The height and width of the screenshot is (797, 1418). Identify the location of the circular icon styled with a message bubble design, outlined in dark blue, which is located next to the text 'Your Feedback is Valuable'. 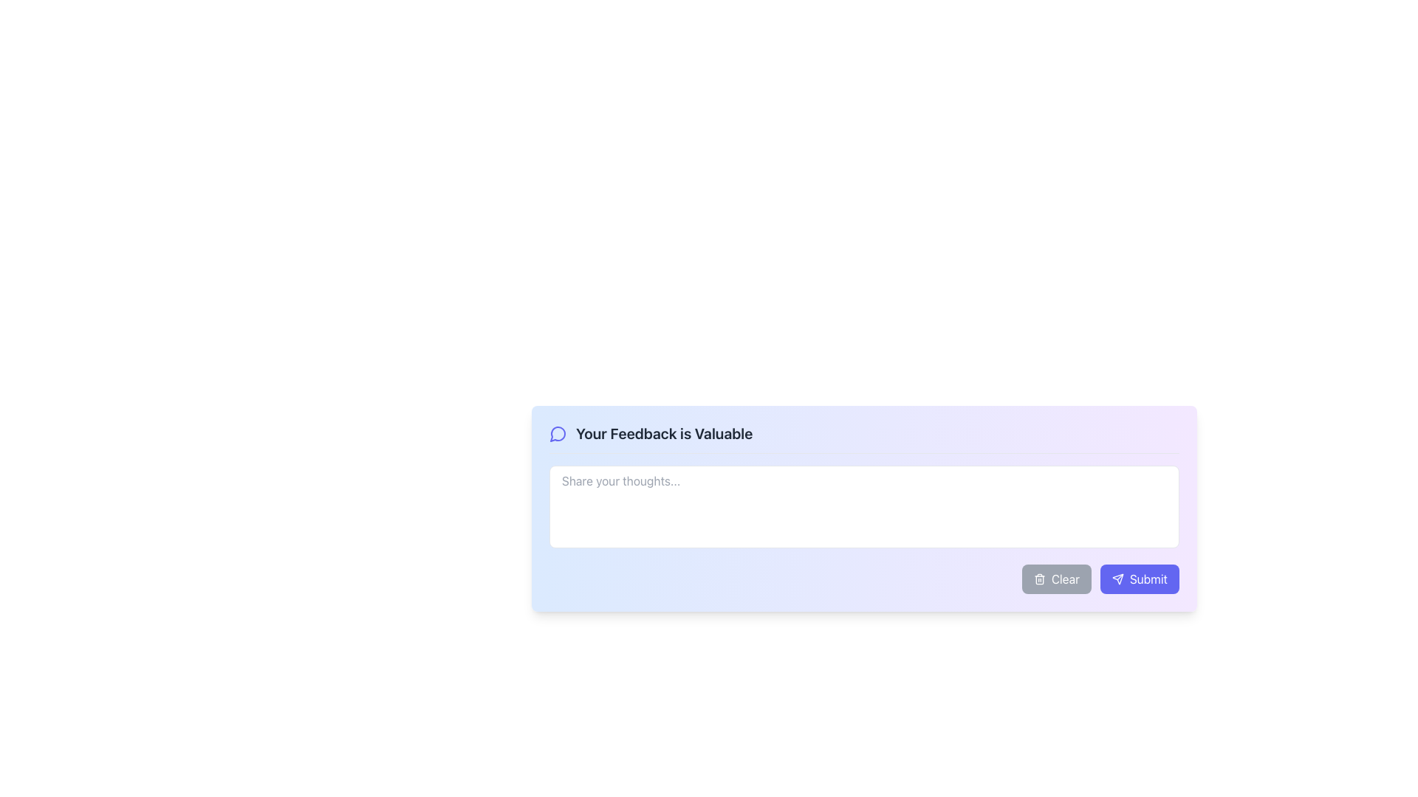
(557, 432).